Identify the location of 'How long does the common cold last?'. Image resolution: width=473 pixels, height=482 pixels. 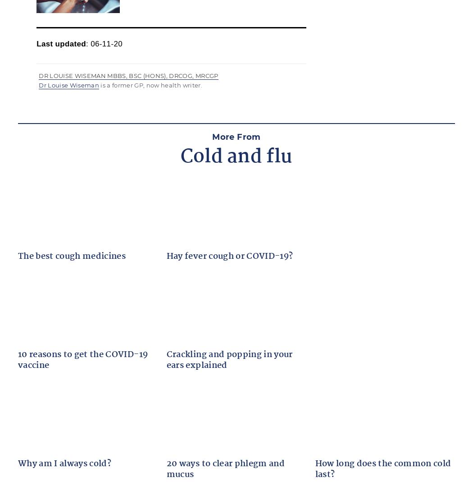
(382, 469).